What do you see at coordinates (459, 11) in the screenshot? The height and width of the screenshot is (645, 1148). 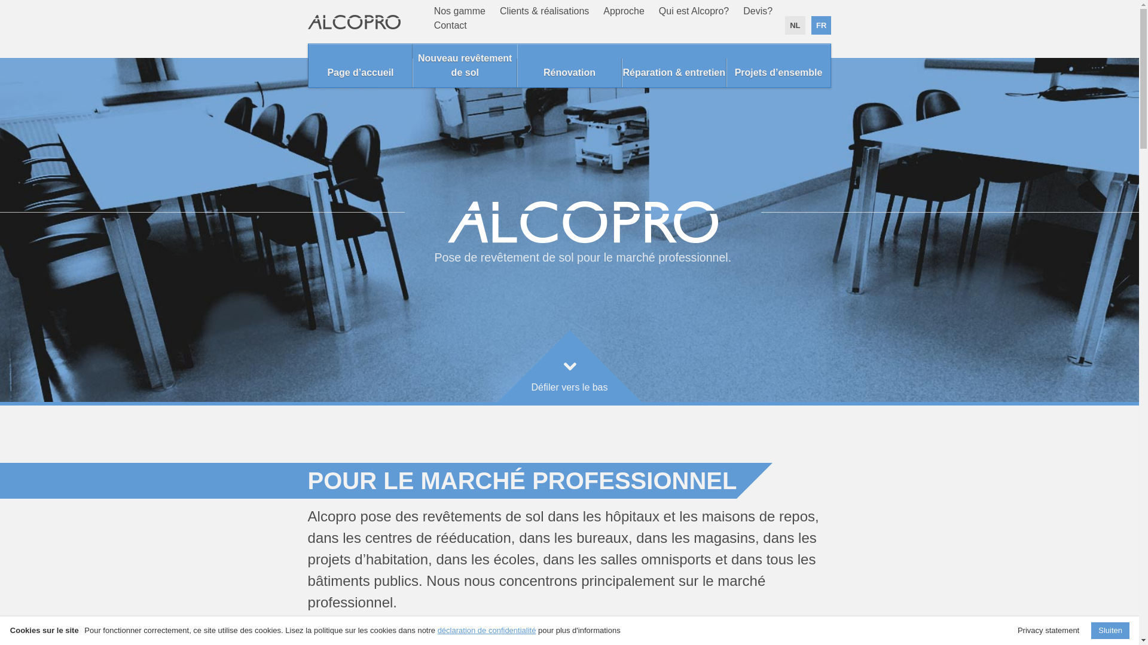 I see `'Nos gamme'` at bounding box center [459, 11].